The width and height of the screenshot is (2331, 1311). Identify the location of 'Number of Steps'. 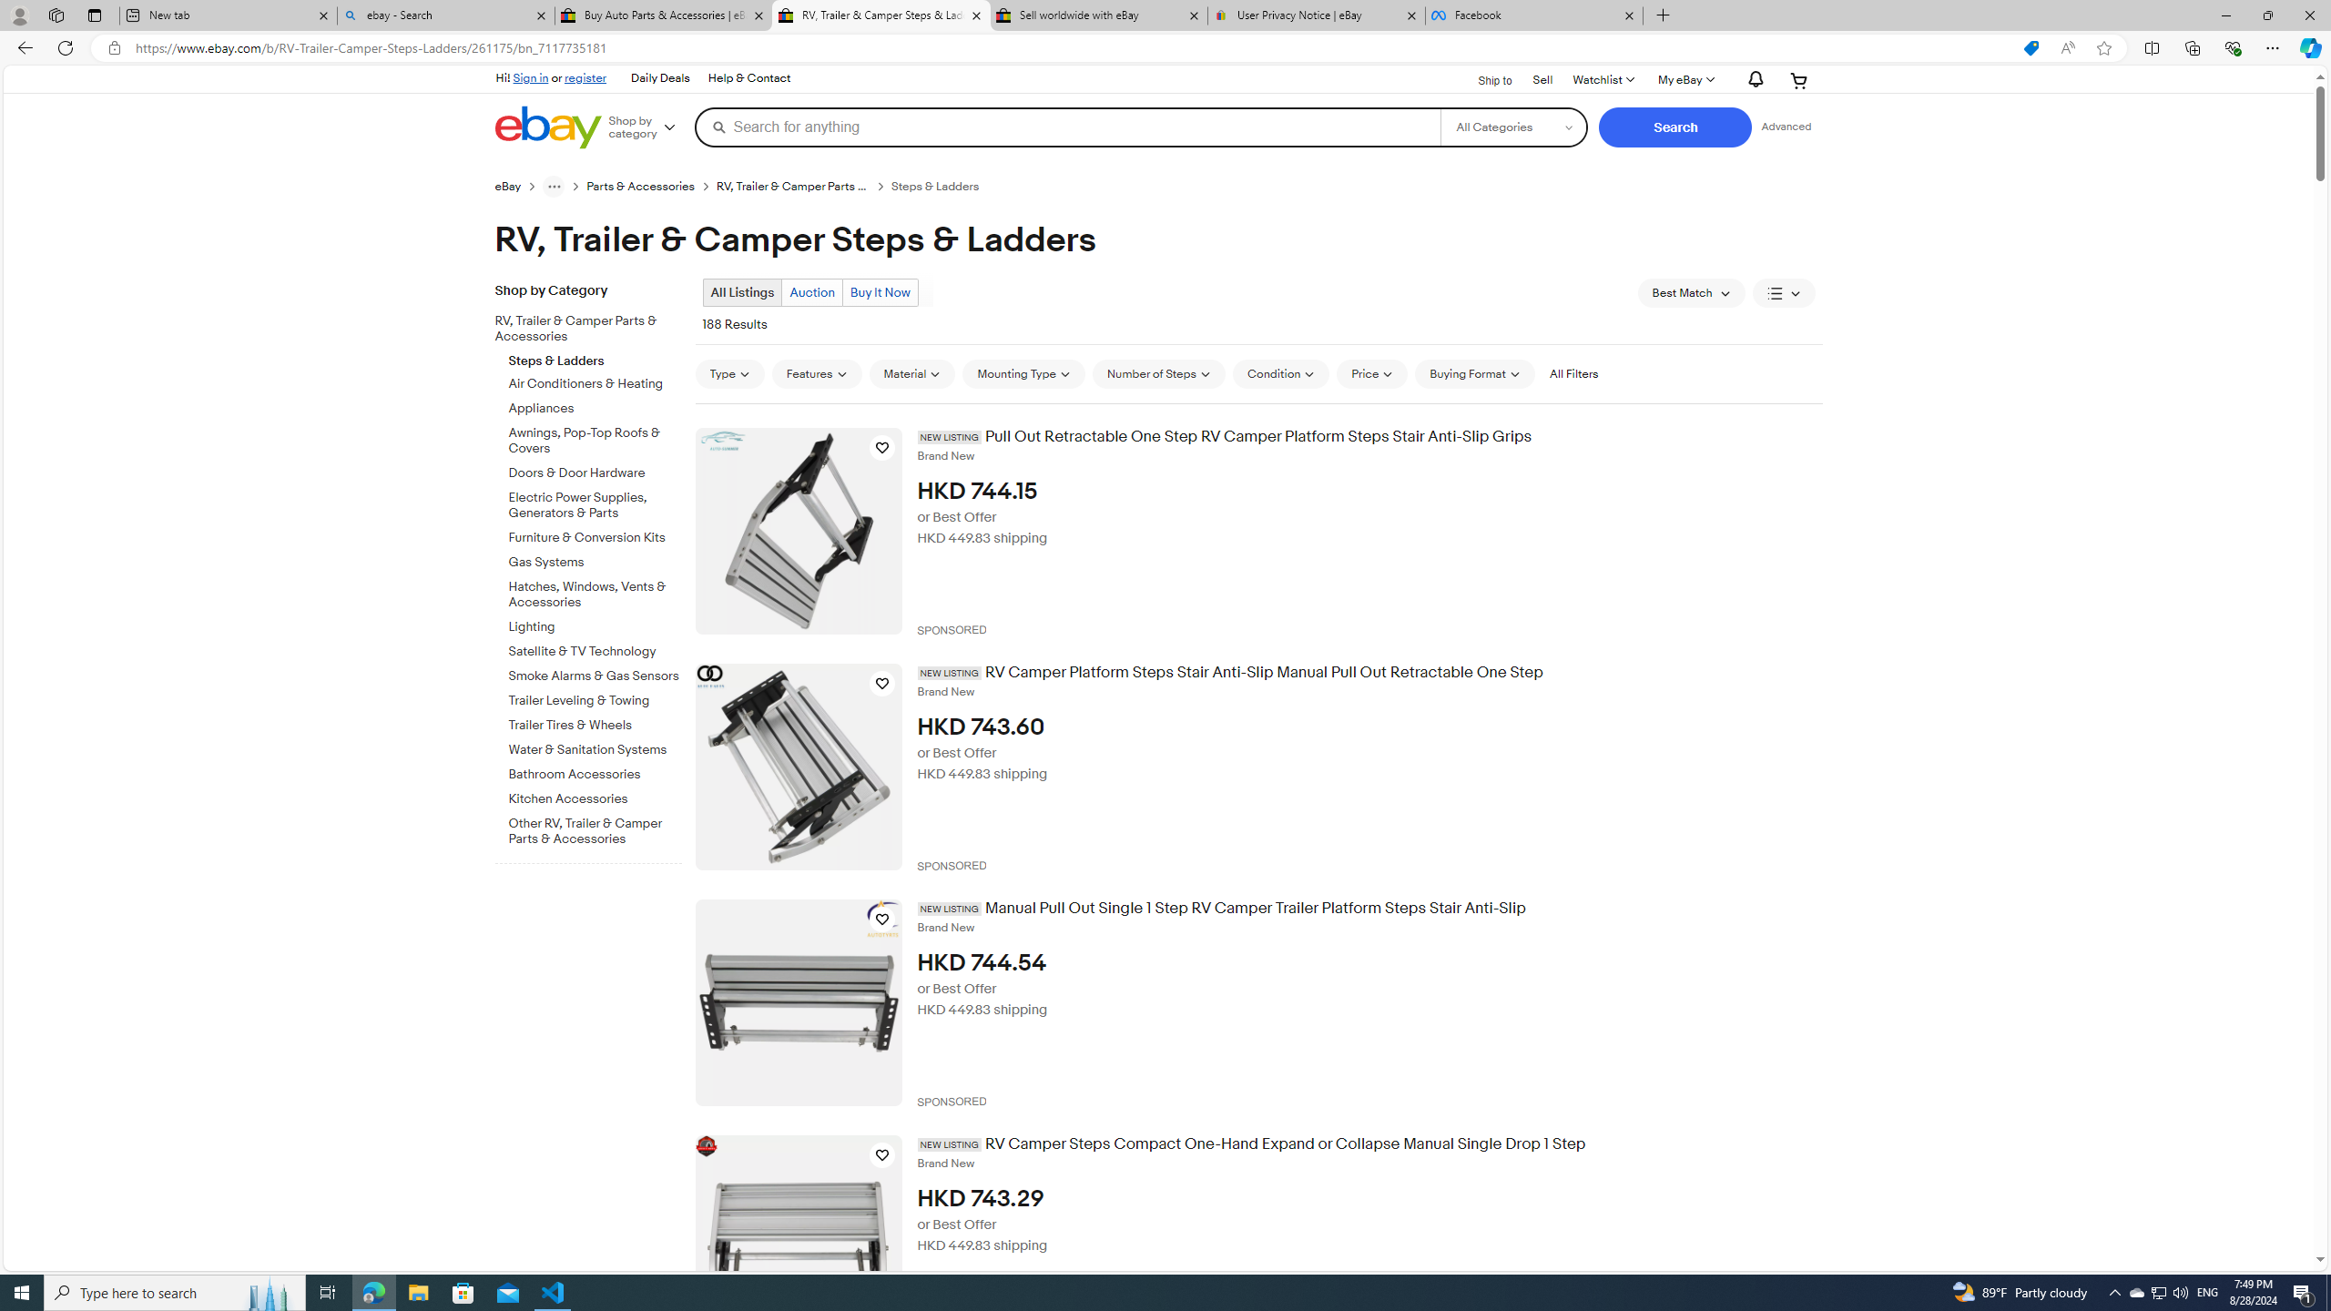
(1158, 373).